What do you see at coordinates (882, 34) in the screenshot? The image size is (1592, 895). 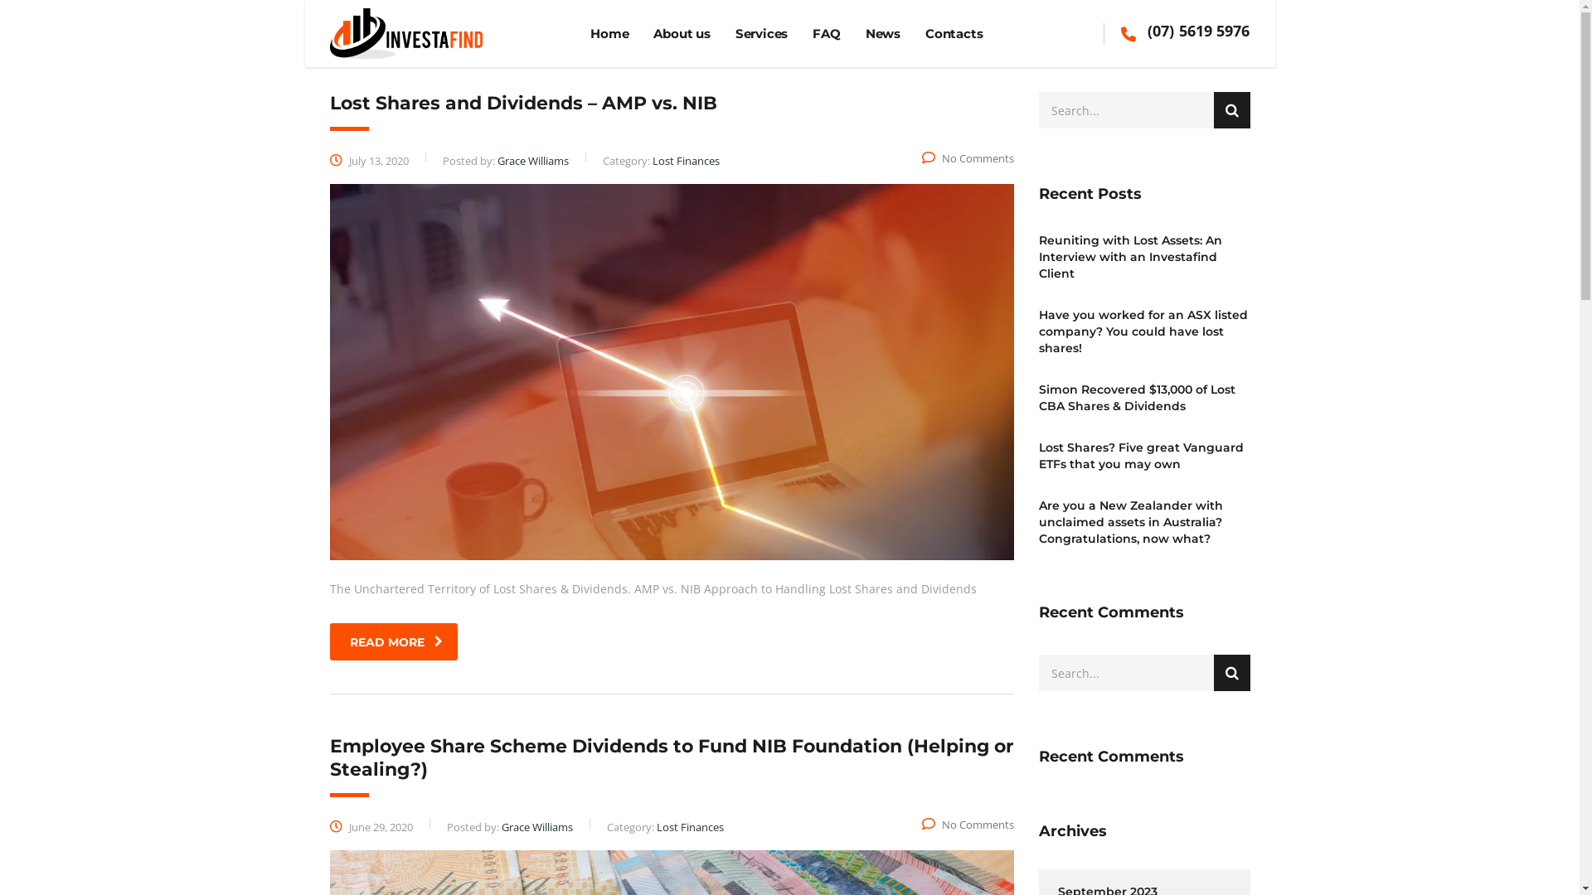 I see `'News'` at bounding box center [882, 34].